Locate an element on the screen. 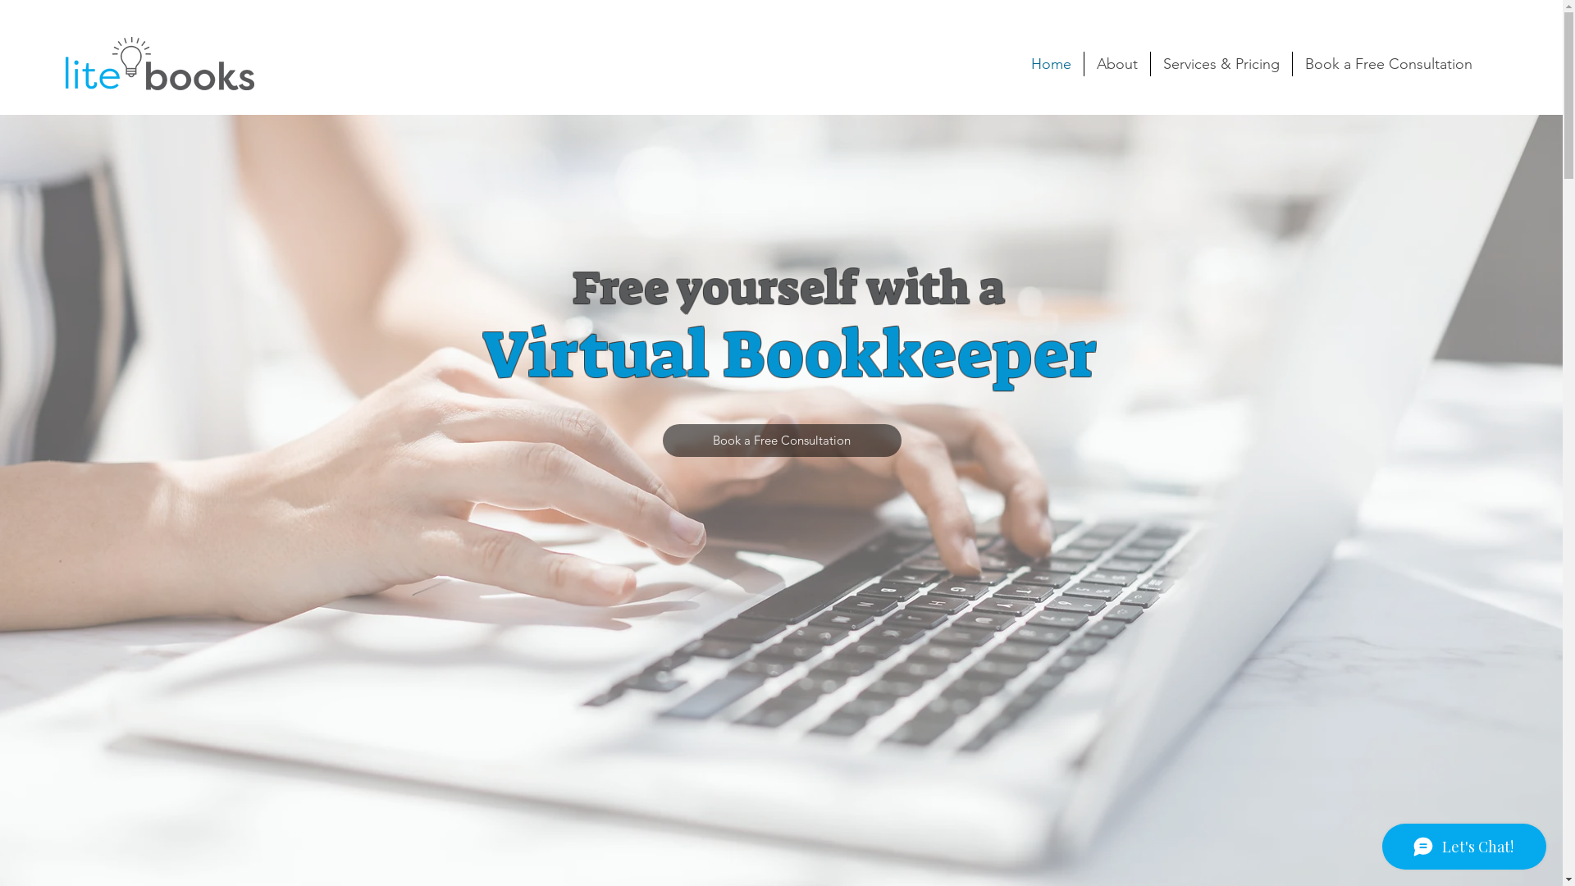 The width and height of the screenshot is (1575, 886). 'Home' is located at coordinates (1051, 62).